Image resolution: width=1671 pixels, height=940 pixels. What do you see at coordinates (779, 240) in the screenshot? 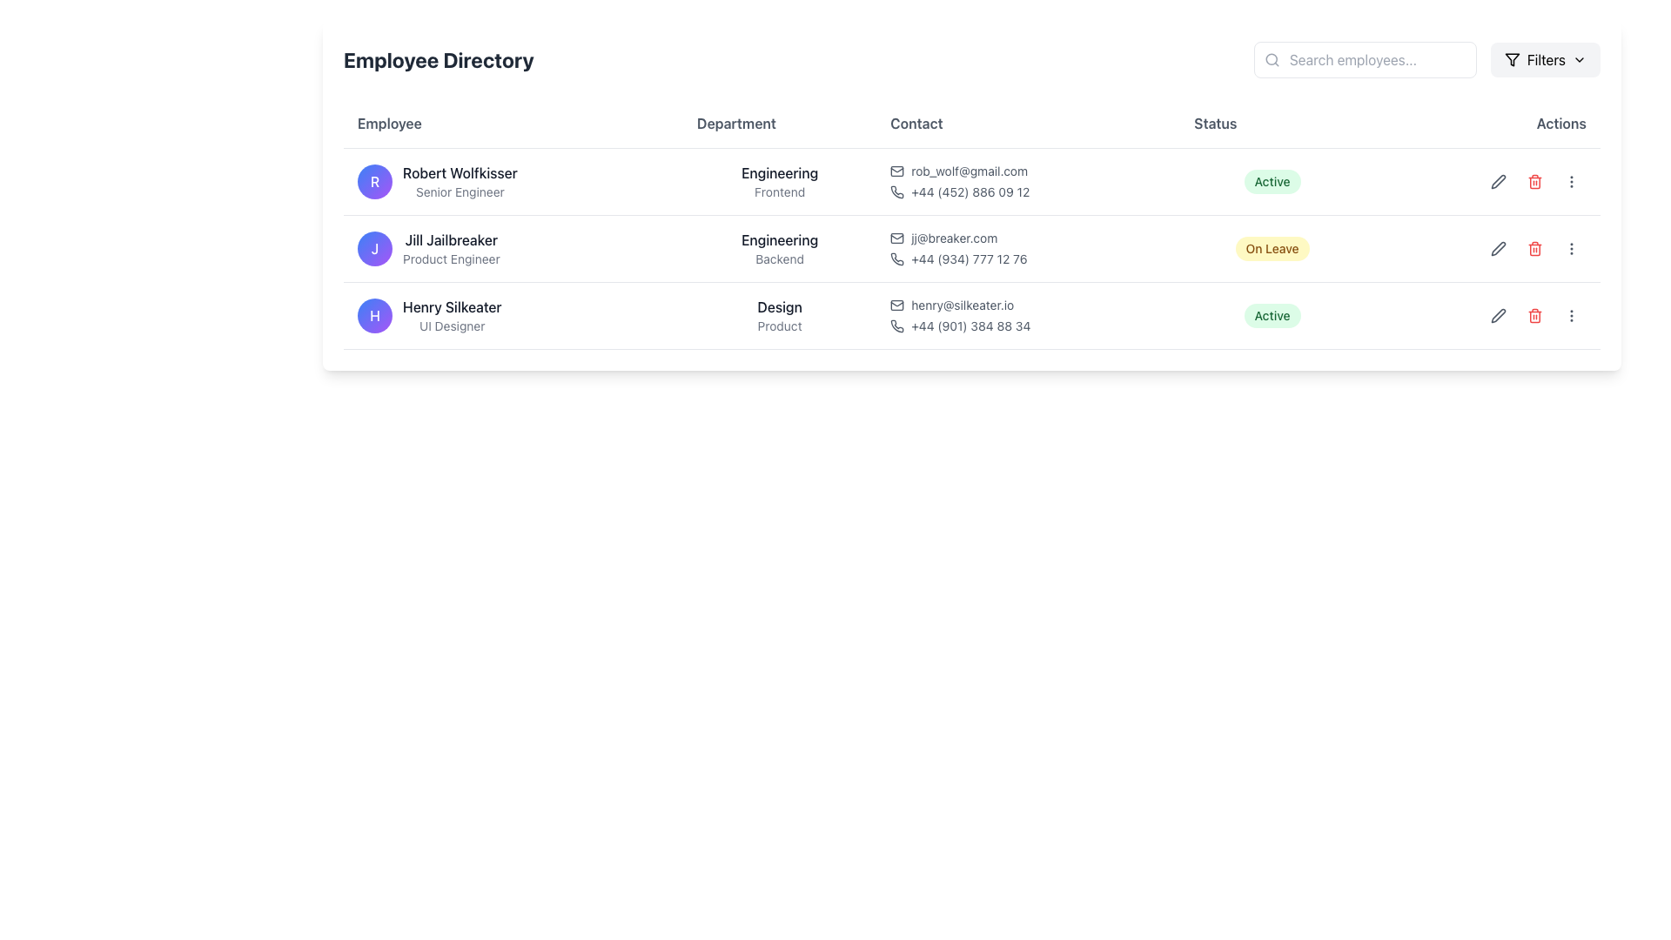
I see `the Static text label displaying 'Engineering' in the 'Department' column of the employee directory's second row` at bounding box center [779, 240].